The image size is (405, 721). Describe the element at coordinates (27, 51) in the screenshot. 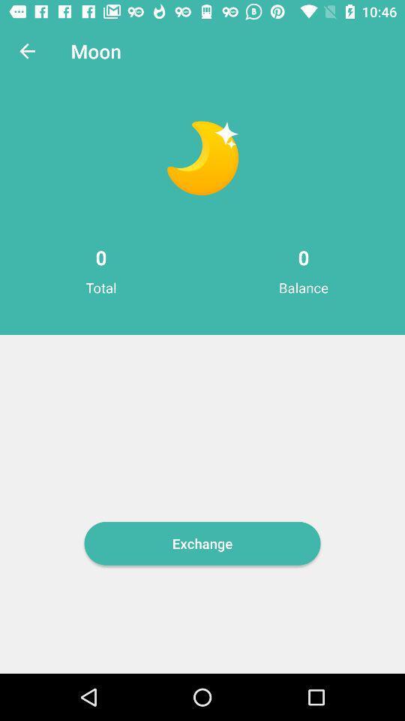

I see `the icon next to the moon item` at that location.